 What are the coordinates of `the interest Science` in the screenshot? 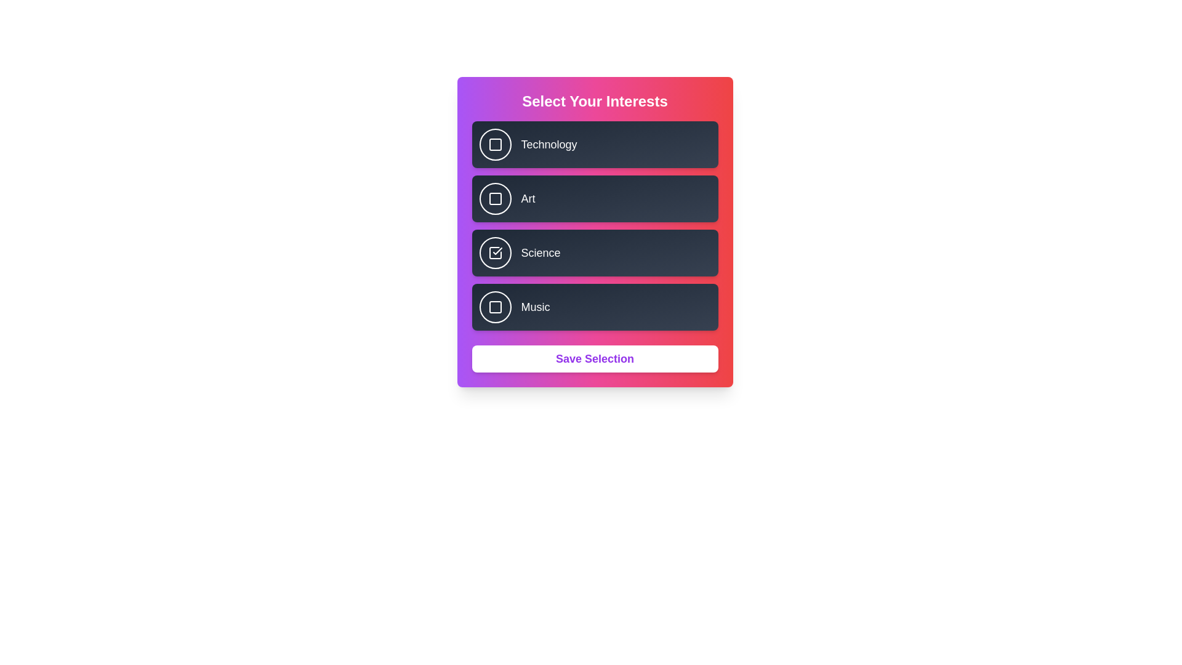 It's located at (495, 252).